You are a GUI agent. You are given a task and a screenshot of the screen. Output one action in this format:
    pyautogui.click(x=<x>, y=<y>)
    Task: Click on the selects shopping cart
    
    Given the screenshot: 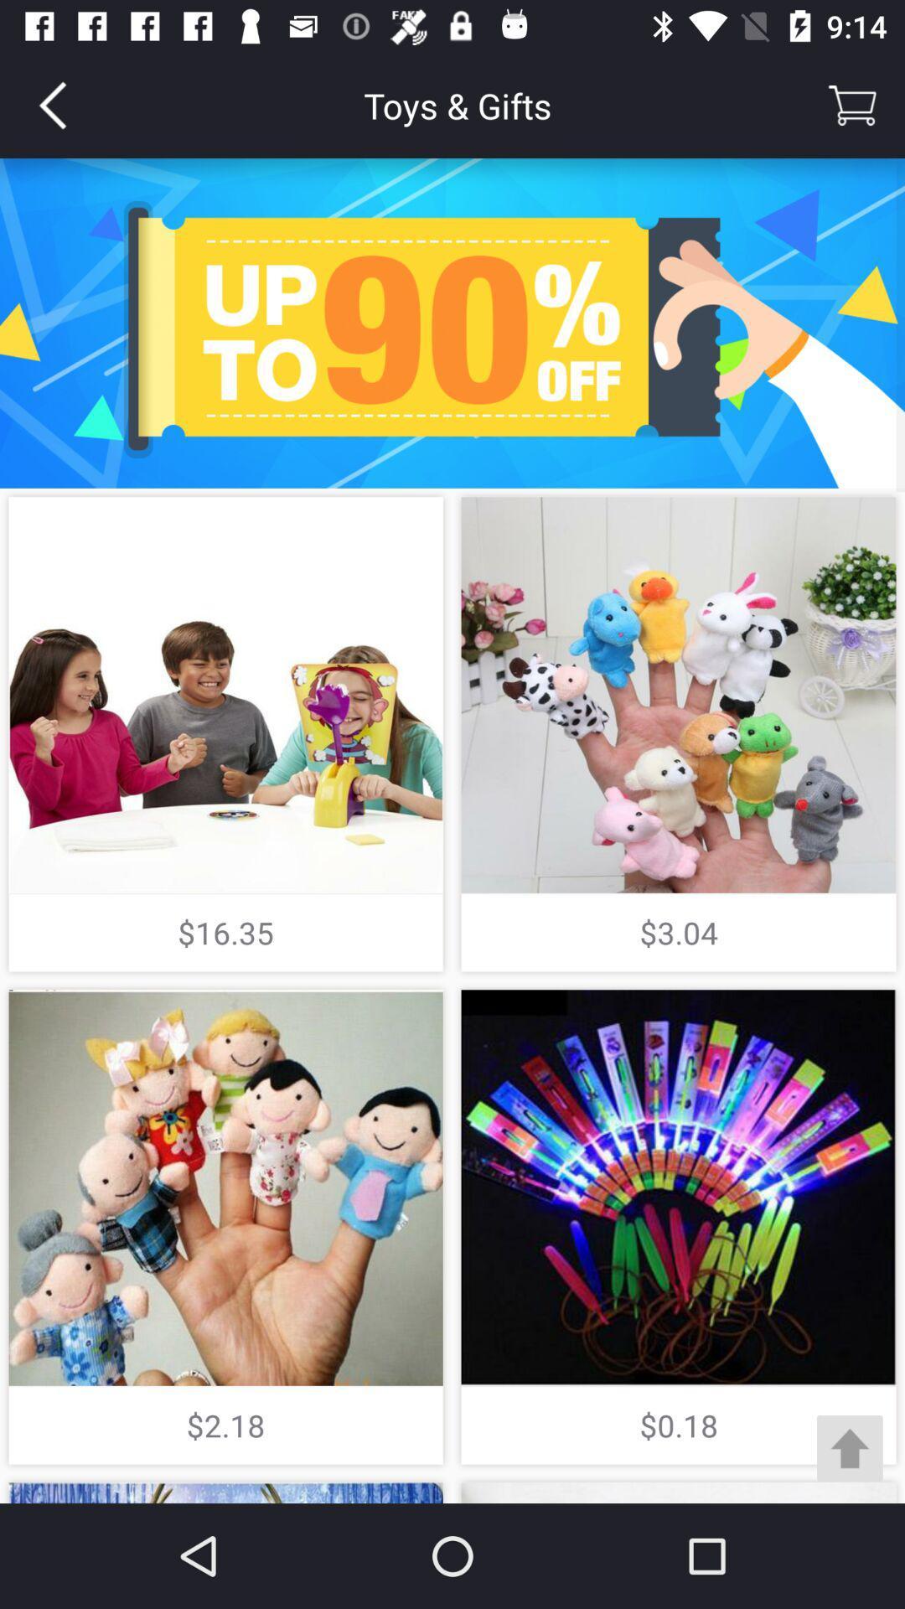 What is the action you would take?
    pyautogui.click(x=852, y=104)
    